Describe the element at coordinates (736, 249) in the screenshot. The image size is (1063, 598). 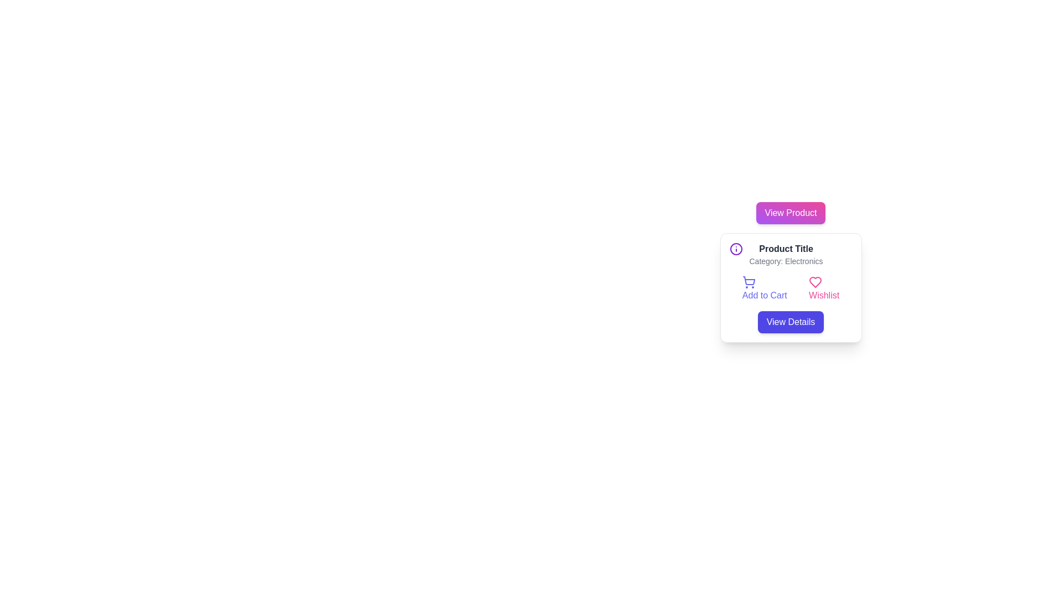
I see `the purple info icon, which is a circular graphic with a purple outline` at that location.